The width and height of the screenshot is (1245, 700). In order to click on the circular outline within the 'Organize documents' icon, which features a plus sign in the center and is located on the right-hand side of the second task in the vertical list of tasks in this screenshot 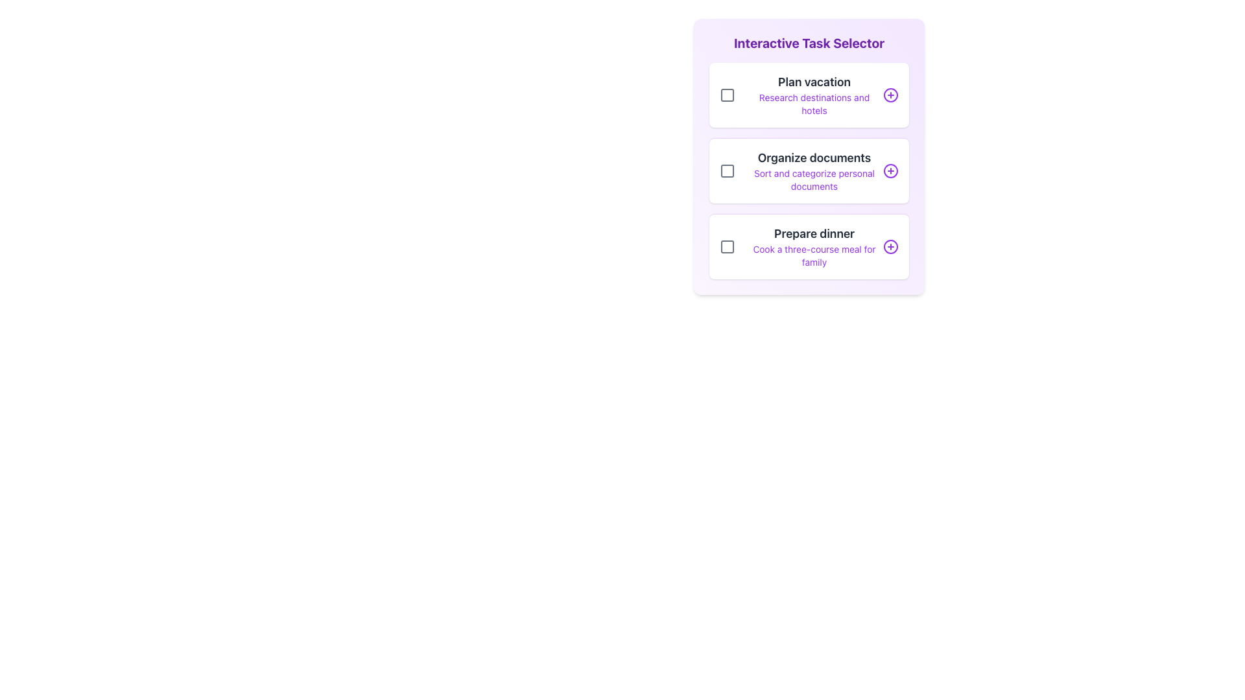, I will do `click(890, 170)`.